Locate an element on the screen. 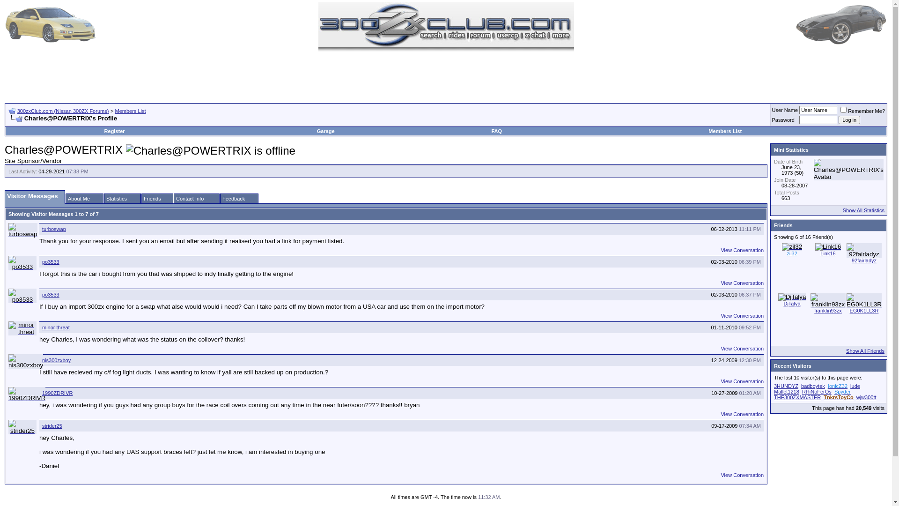 This screenshot has width=899, height=506. 'po3533' is located at coordinates (50, 294).